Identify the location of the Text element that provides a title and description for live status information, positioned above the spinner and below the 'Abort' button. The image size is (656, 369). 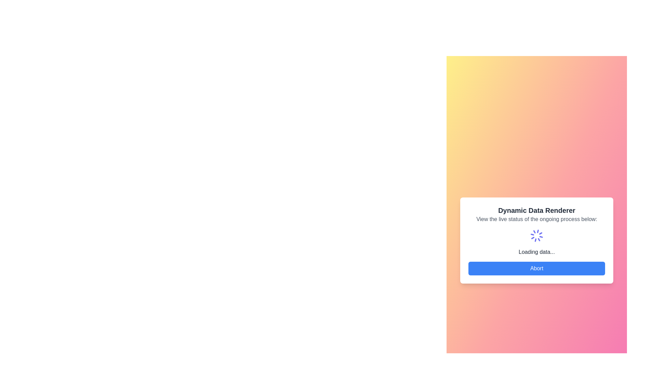
(536, 214).